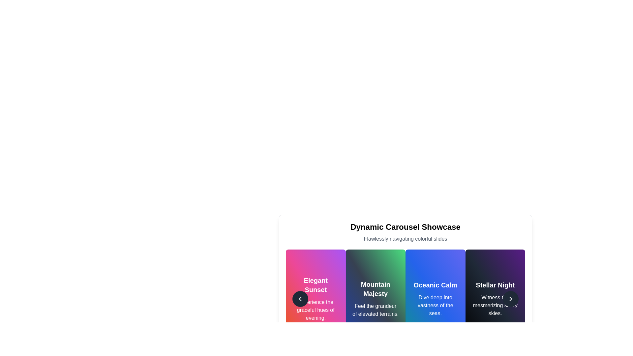 This screenshot has width=633, height=356. What do you see at coordinates (300, 299) in the screenshot?
I see `the left-facing arrow icon in the navigation control section` at bounding box center [300, 299].